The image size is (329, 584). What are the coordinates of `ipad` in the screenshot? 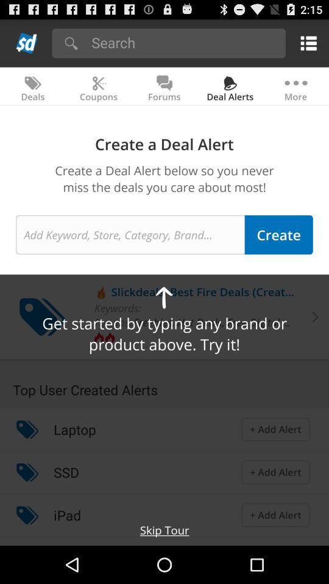 It's located at (67, 514).